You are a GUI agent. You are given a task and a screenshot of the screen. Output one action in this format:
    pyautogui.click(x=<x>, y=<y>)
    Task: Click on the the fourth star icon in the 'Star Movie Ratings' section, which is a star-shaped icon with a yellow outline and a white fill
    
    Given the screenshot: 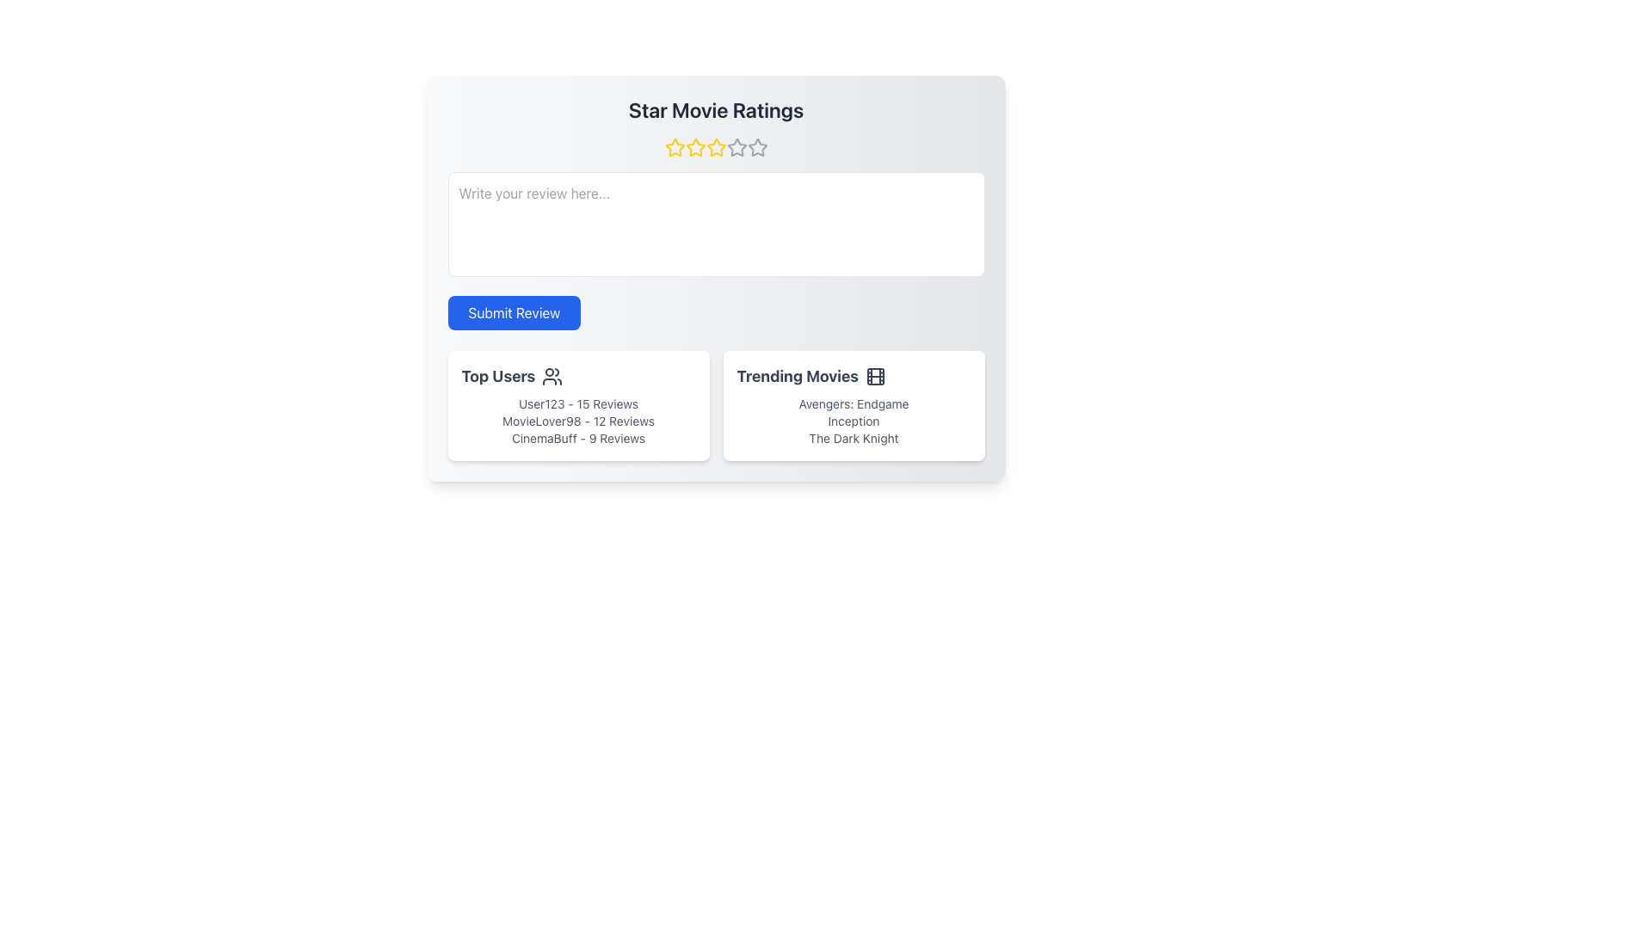 What is the action you would take?
    pyautogui.click(x=716, y=147)
    